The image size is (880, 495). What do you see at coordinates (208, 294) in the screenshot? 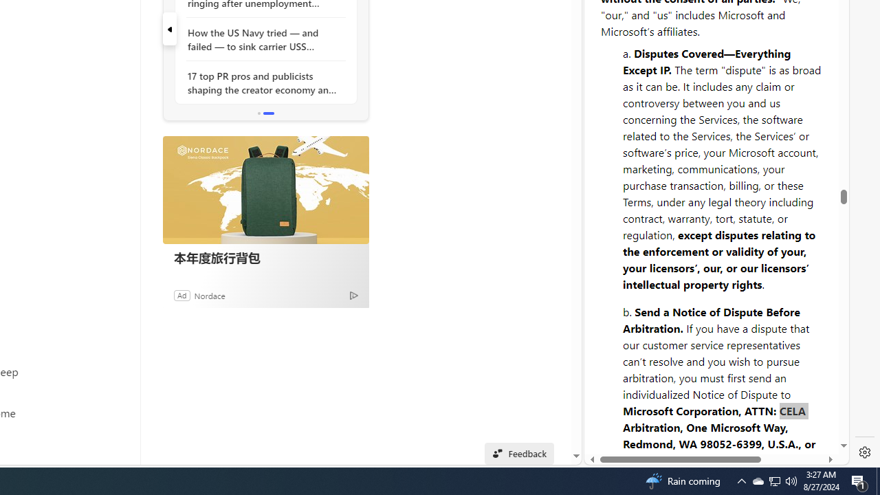
I see `'Nordace'` at bounding box center [208, 294].